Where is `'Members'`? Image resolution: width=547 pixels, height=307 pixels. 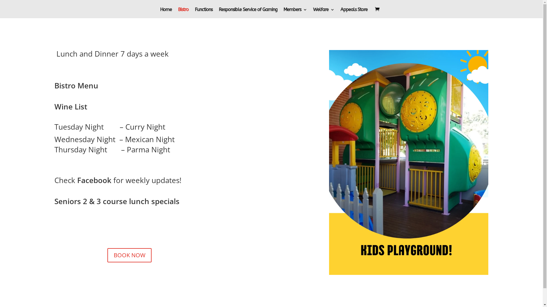 'Members' is located at coordinates (295, 13).